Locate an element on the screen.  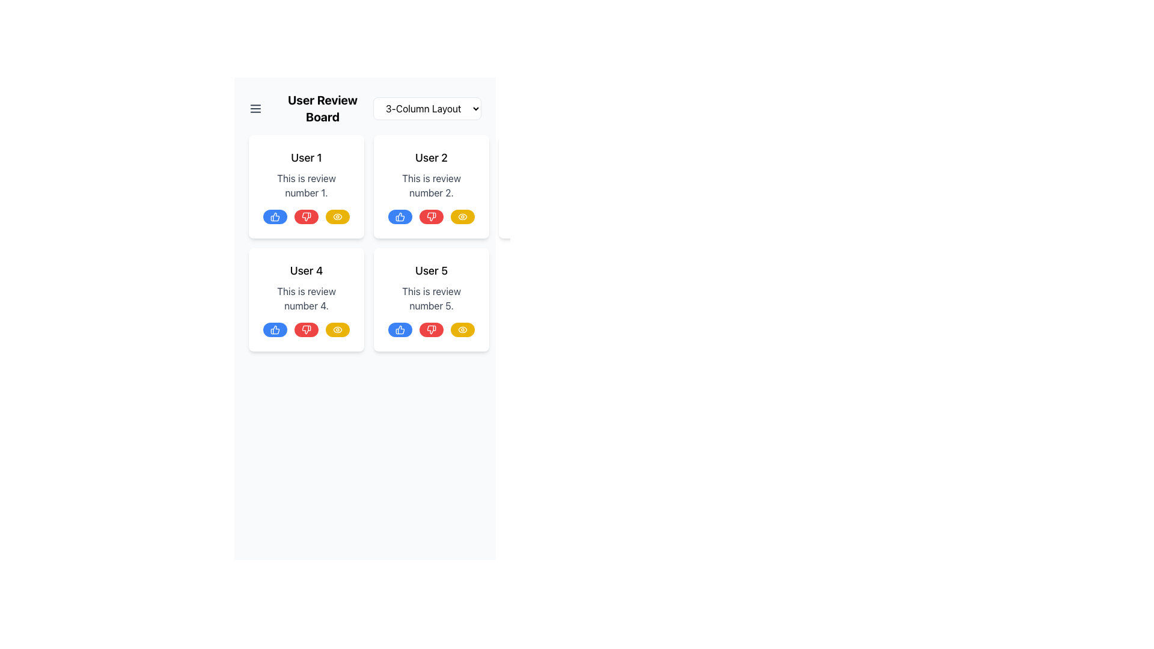
the visibility toggle button located in the bottom right corner of the card associated with 'User 2' is located at coordinates (462, 217).